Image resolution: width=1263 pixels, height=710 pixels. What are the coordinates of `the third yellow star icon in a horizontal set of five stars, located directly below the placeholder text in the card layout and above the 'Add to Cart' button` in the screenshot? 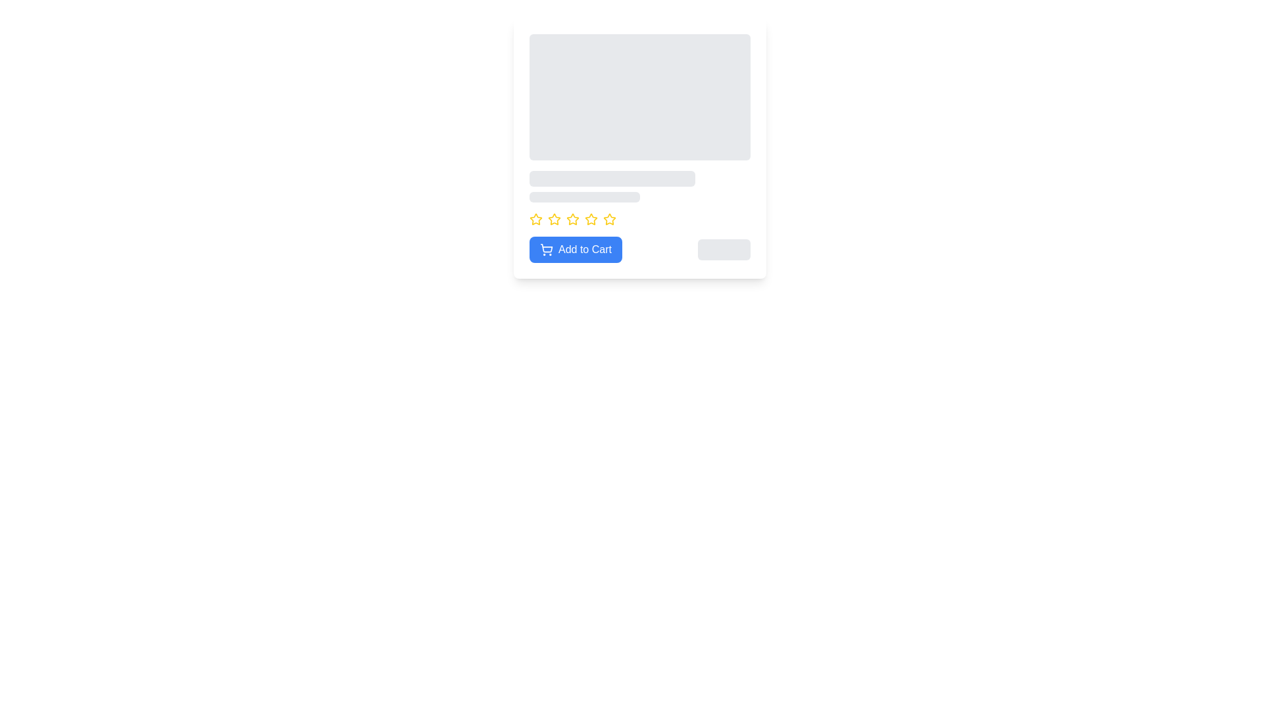 It's located at (572, 219).